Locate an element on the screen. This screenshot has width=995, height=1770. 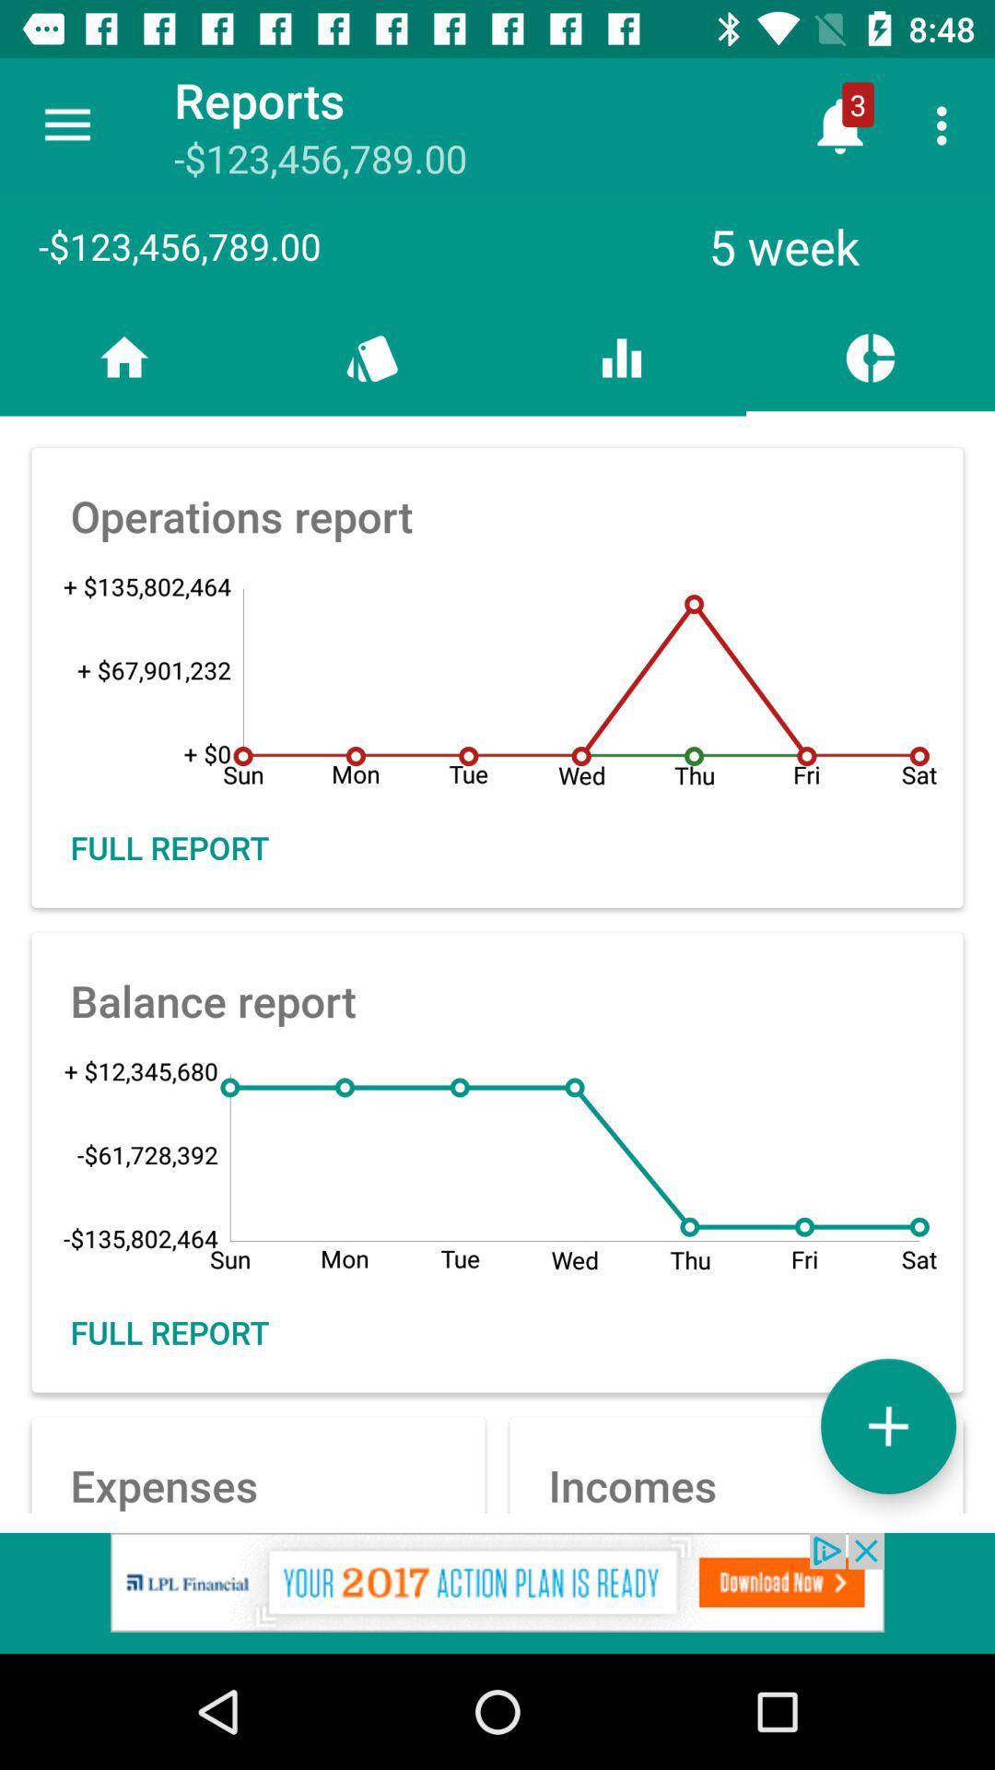
more option is located at coordinates (887, 1425).